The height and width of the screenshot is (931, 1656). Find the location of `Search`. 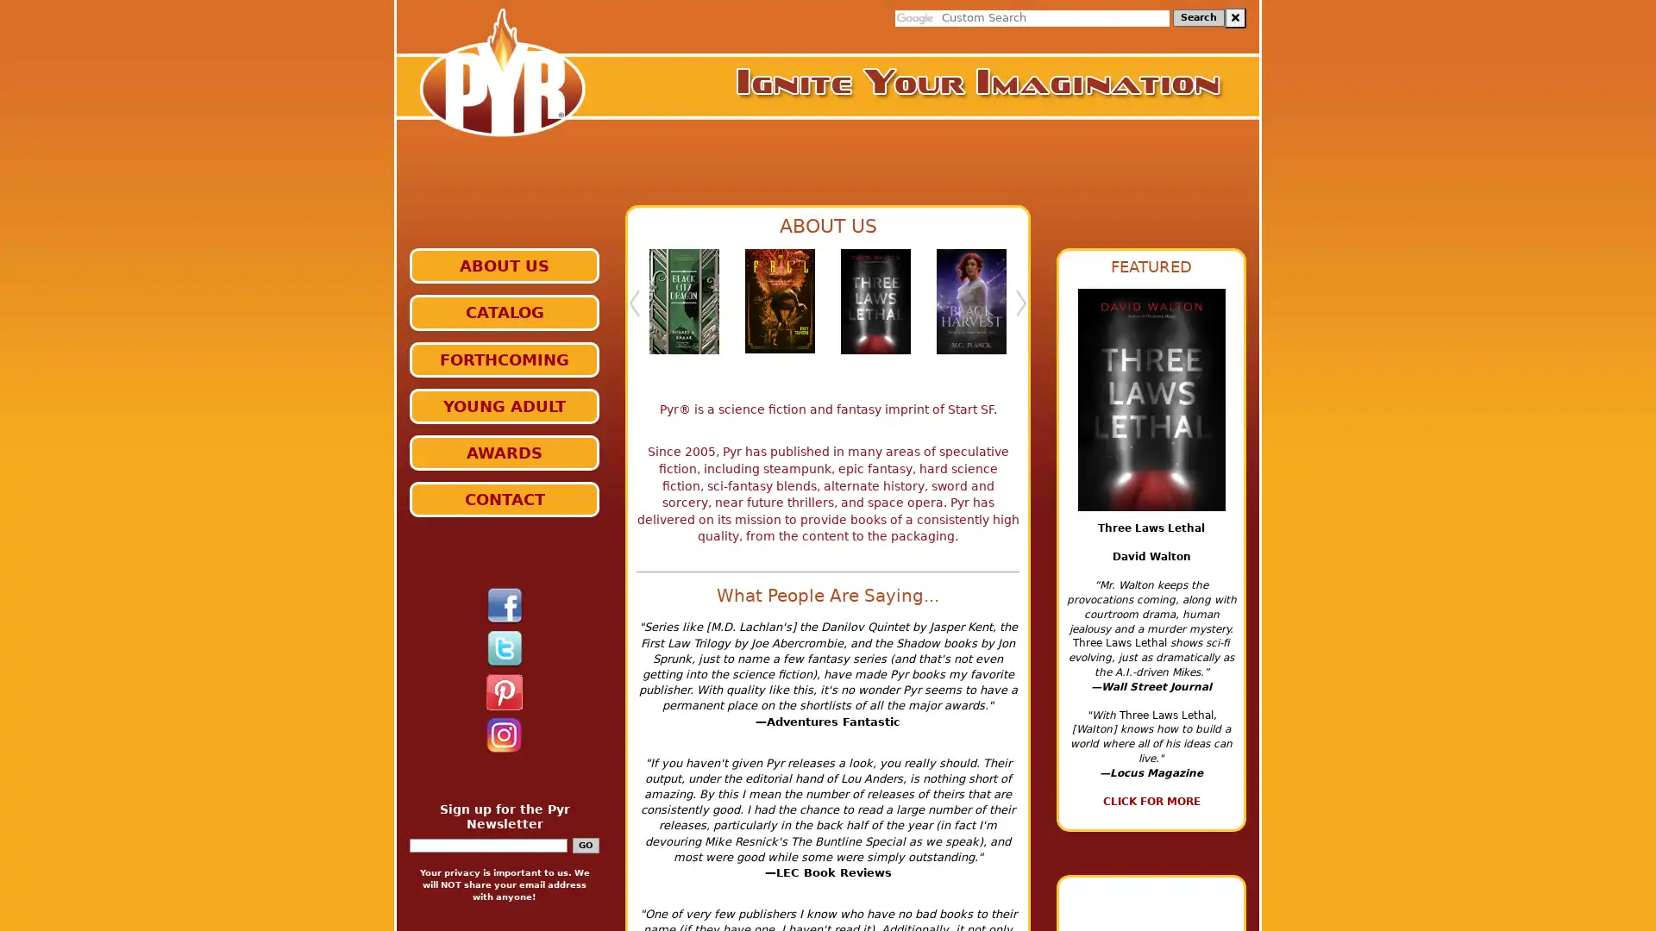

Search is located at coordinates (1198, 17).